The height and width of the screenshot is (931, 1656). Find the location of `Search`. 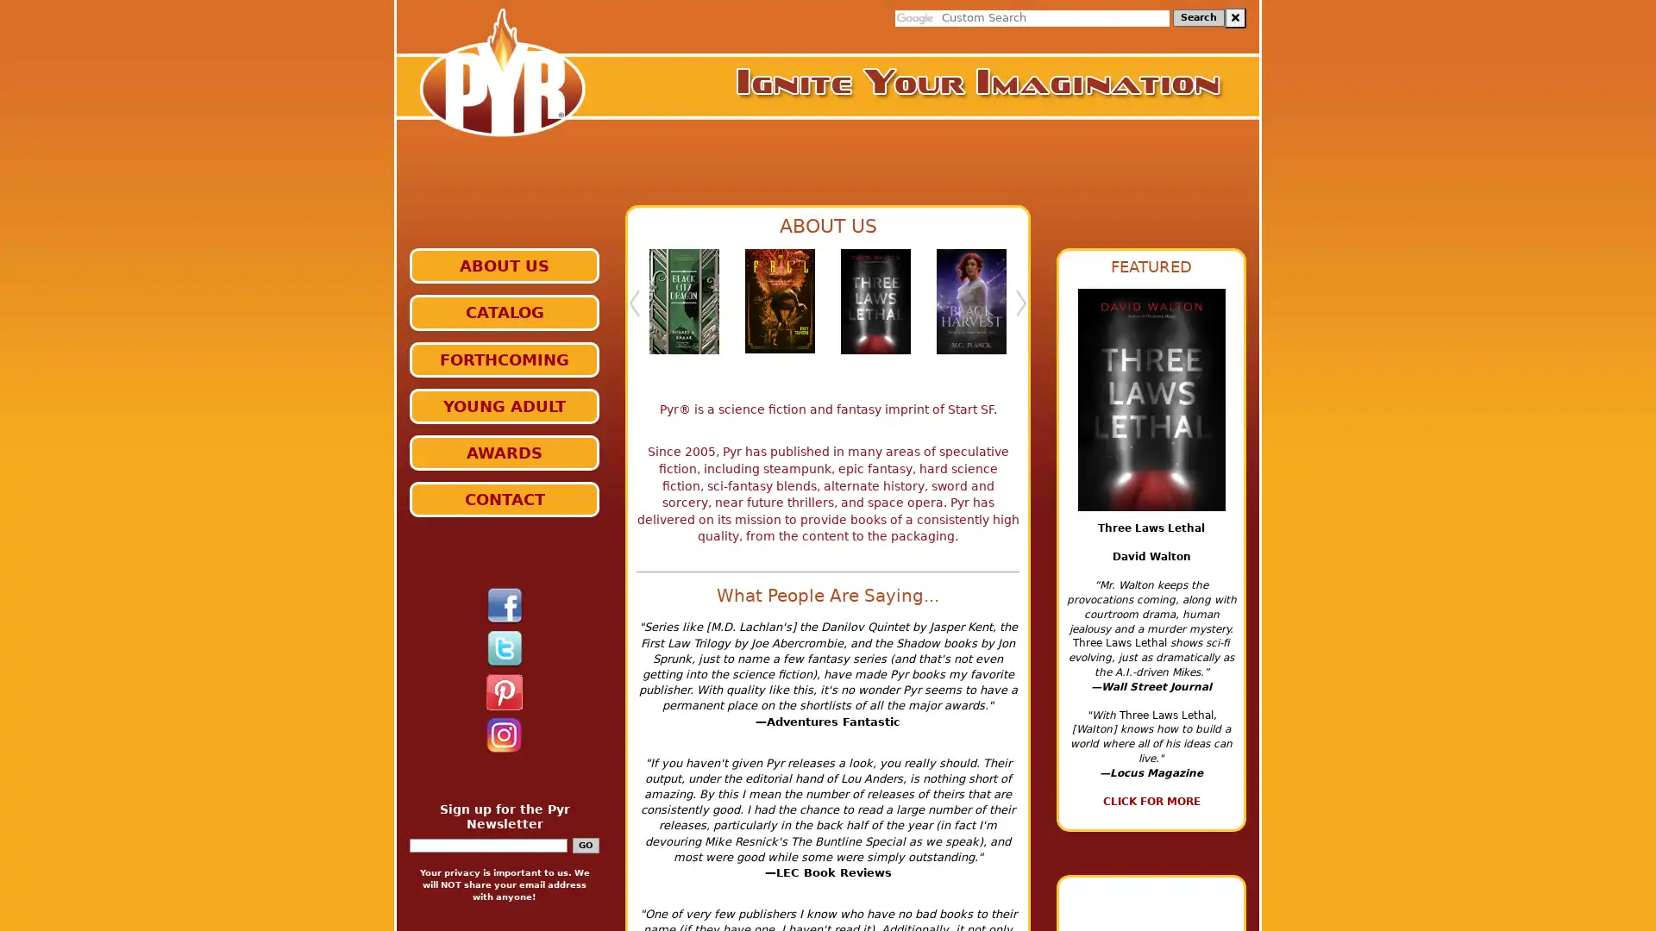

Search is located at coordinates (1198, 17).